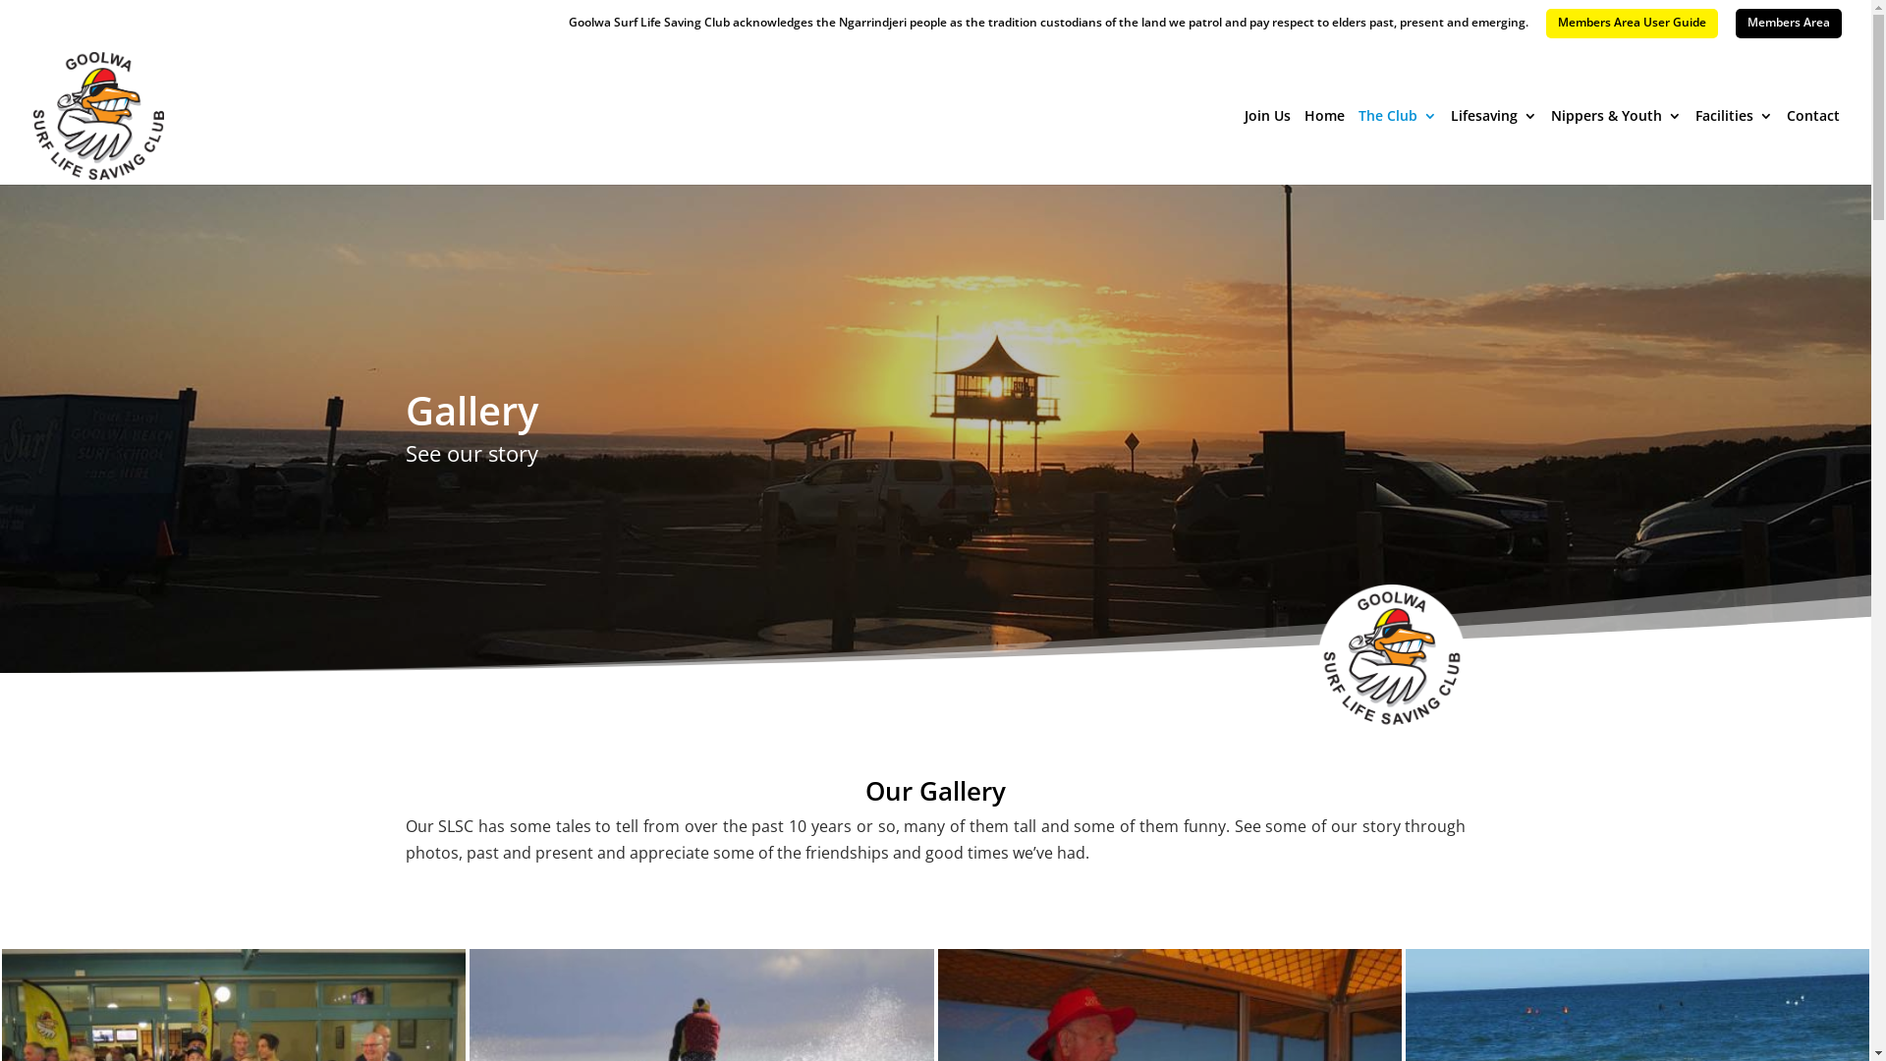 The width and height of the screenshot is (1886, 1061). What do you see at coordinates (1788, 23) in the screenshot?
I see `'Members Area'` at bounding box center [1788, 23].